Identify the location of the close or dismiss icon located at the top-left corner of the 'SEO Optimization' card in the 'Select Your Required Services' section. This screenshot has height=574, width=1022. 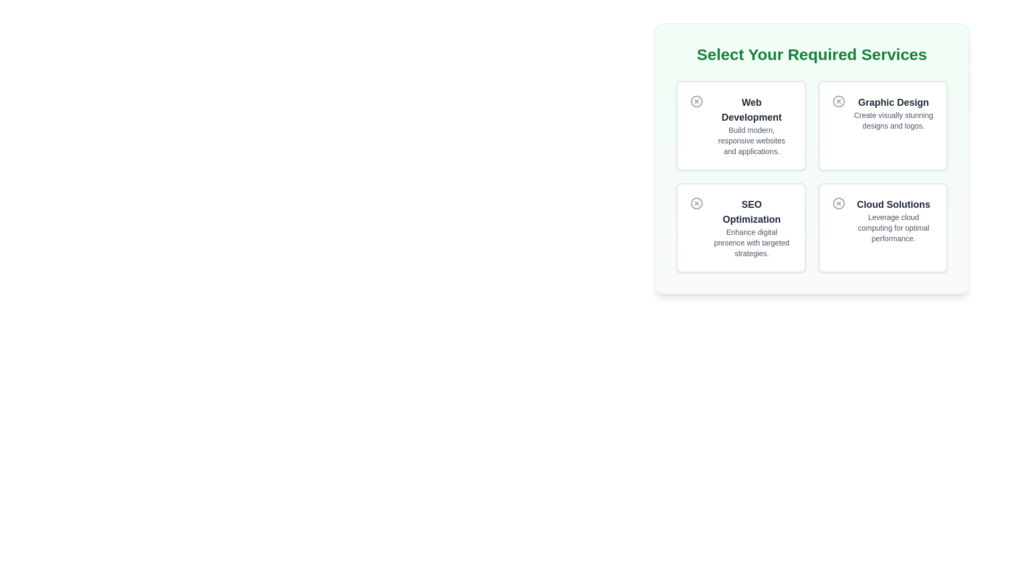
(697, 203).